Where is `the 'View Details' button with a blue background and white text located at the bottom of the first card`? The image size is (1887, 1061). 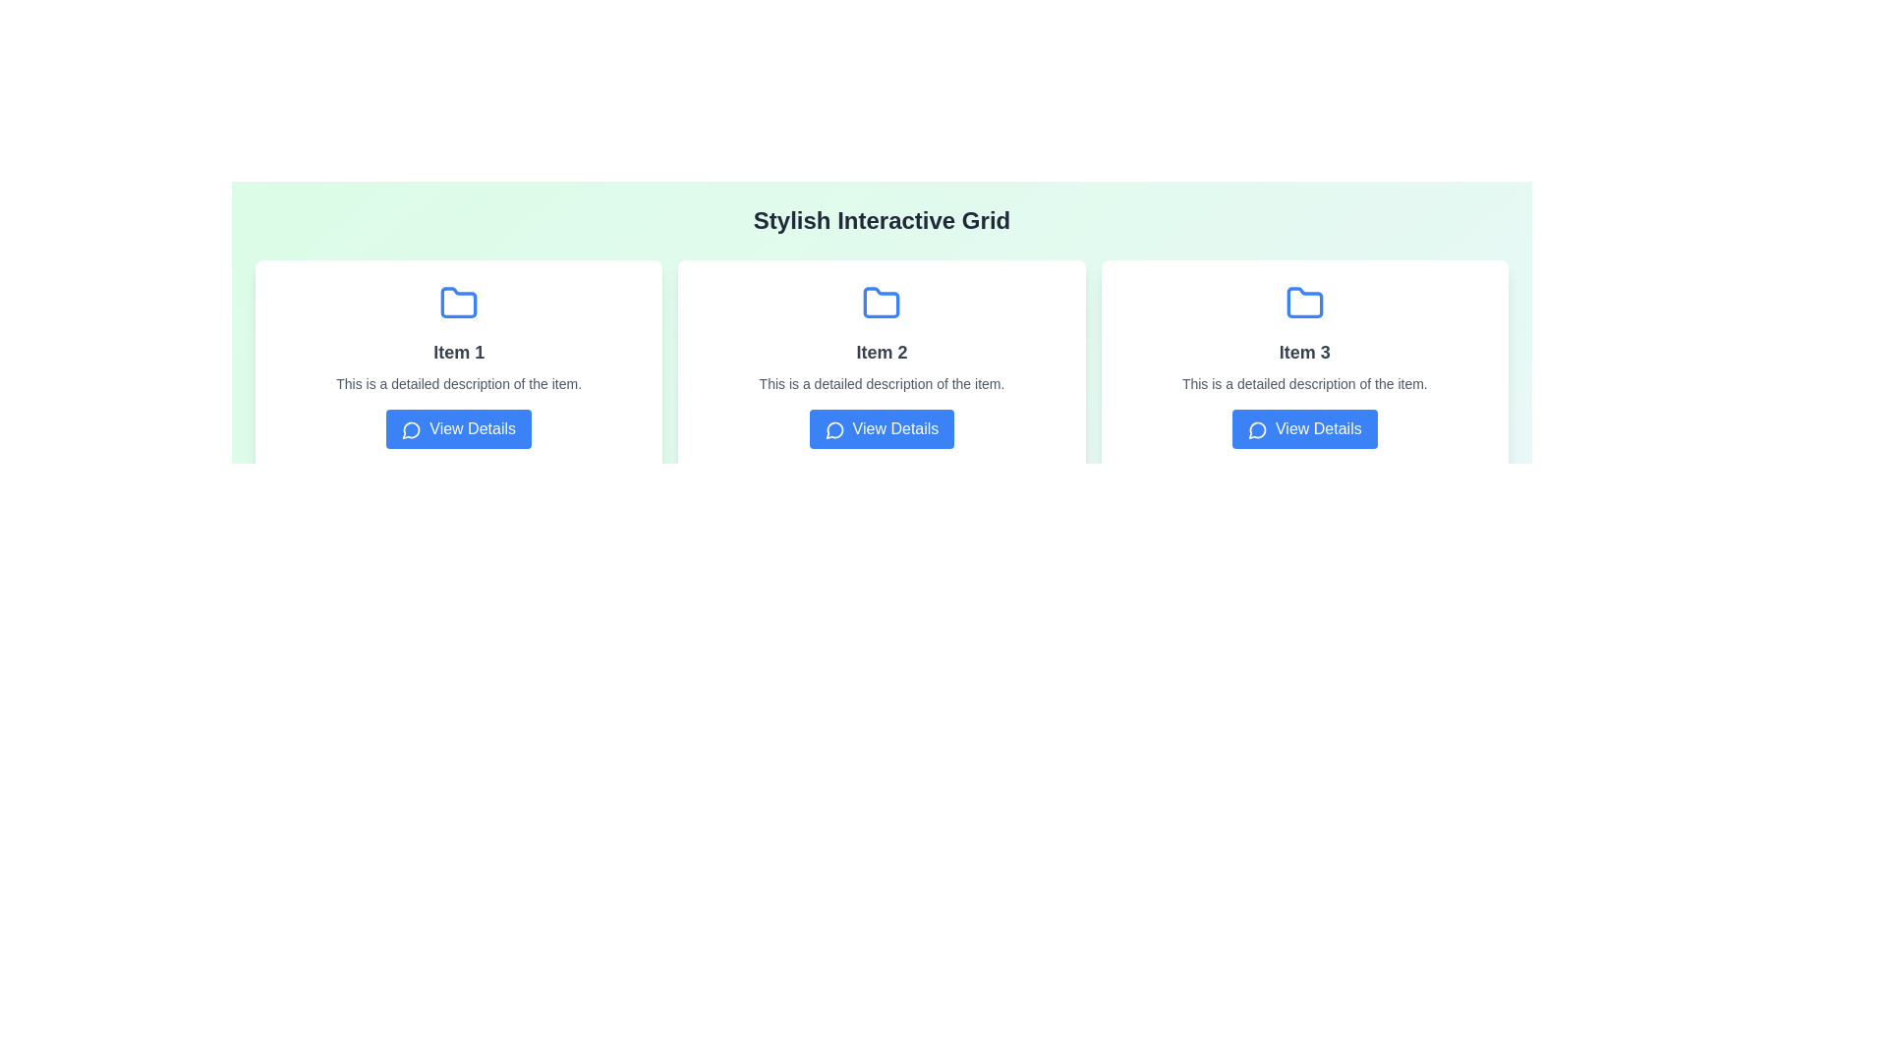
the 'View Details' button with a blue background and white text located at the bottom of the first card is located at coordinates (458, 427).